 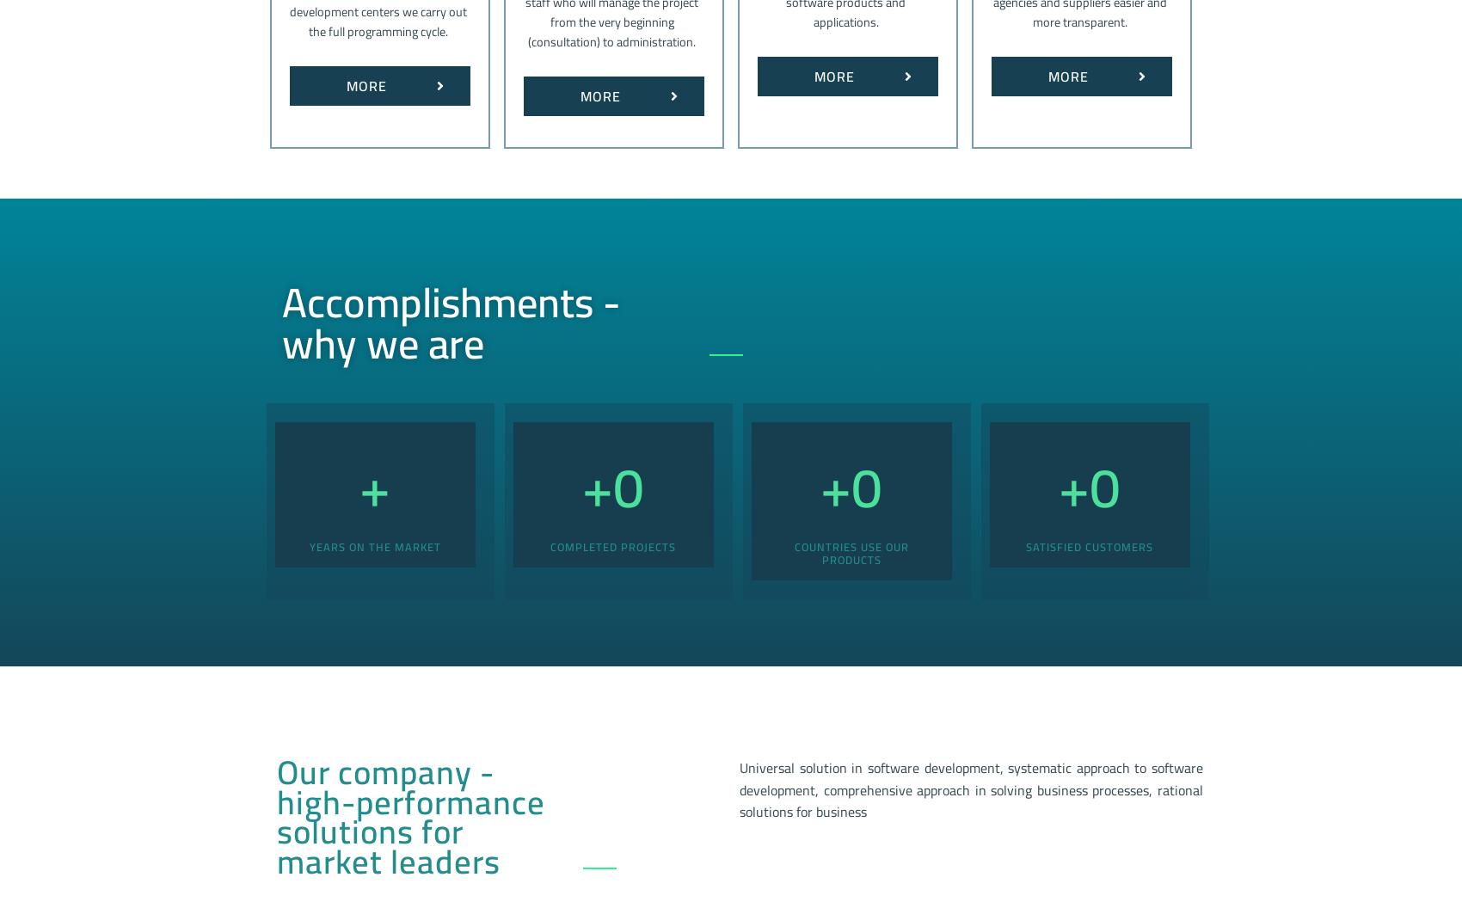 What do you see at coordinates (374, 544) in the screenshot?
I see `'years on the market'` at bounding box center [374, 544].